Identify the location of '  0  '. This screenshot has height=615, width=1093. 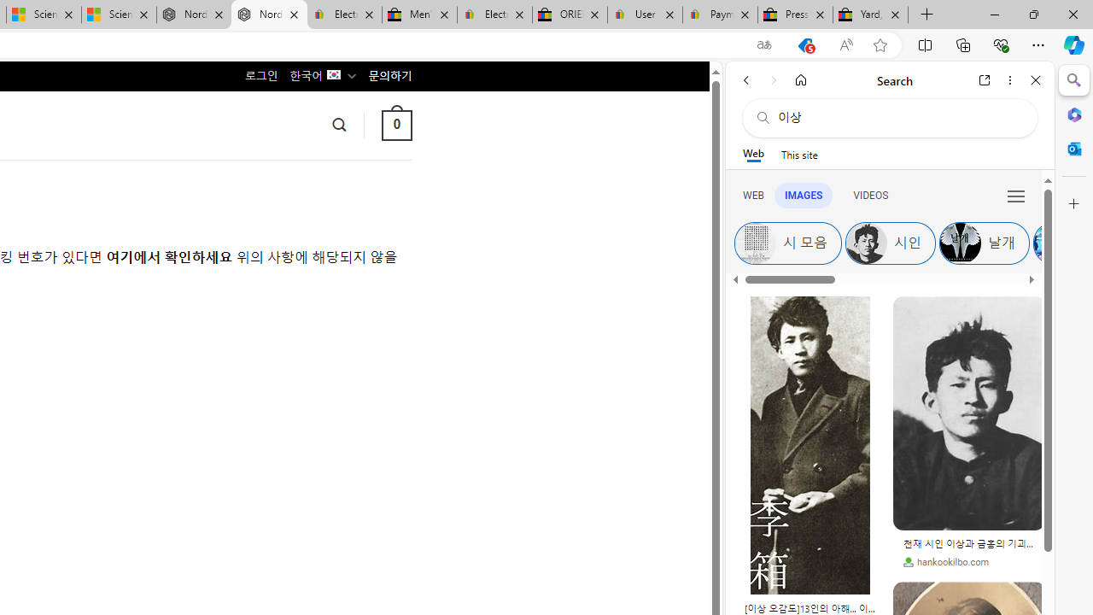
(395, 124).